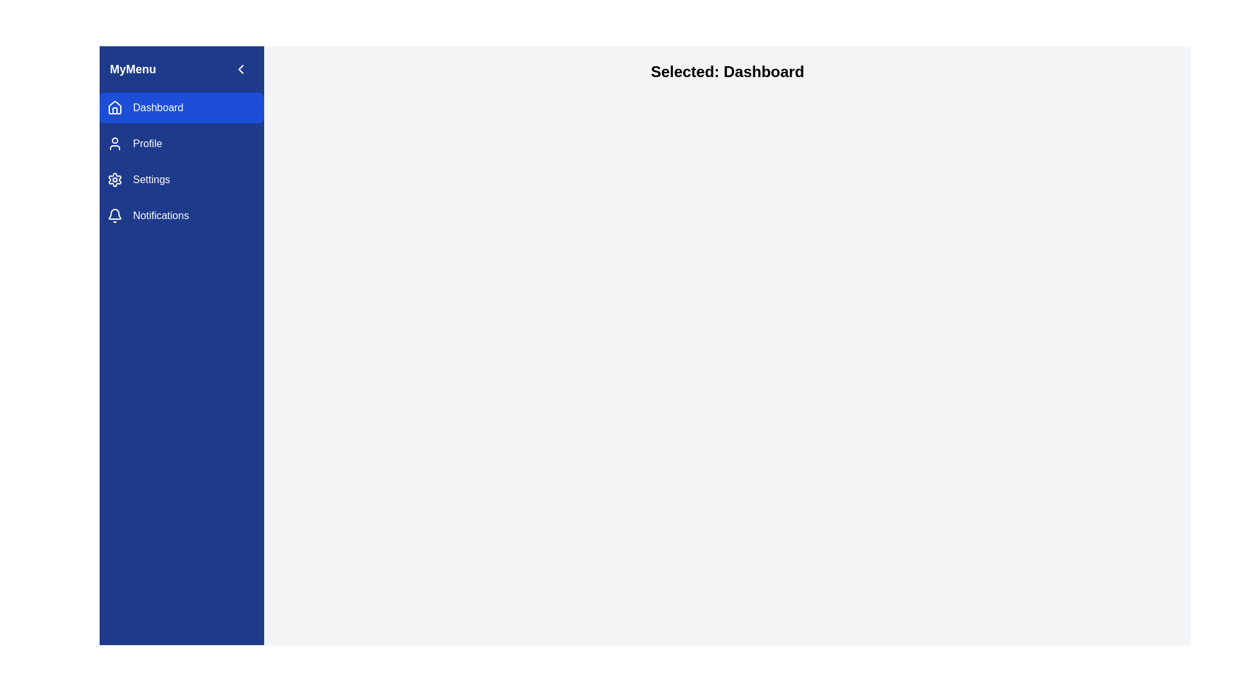 The width and height of the screenshot is (1234, 694). I want to click on the navigation icon located in the top-right corner of the blue sidebar menu, adjacent to the 'MyMenu' text, to indicate a collapse or expand action, so click(240, 69).